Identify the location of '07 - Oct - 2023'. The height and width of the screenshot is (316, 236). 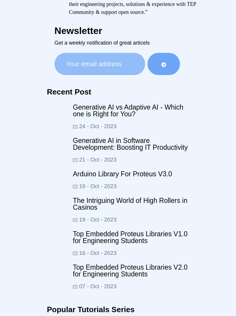
(97, 286).